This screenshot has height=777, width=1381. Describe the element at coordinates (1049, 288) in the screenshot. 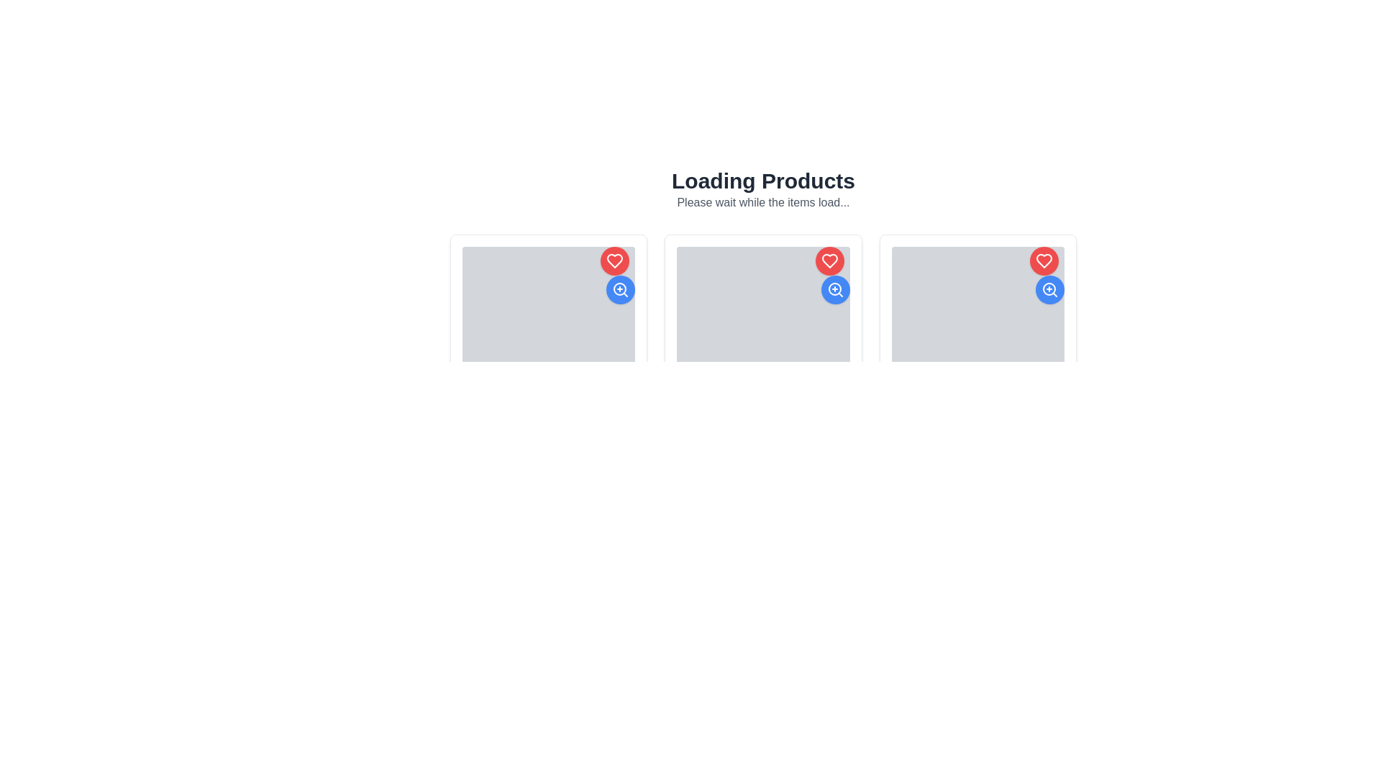

I see `the Circle element within the zoom-in icon that signifies the zoom-in feature, located at the center of the magnifying glass symbol` at that location.